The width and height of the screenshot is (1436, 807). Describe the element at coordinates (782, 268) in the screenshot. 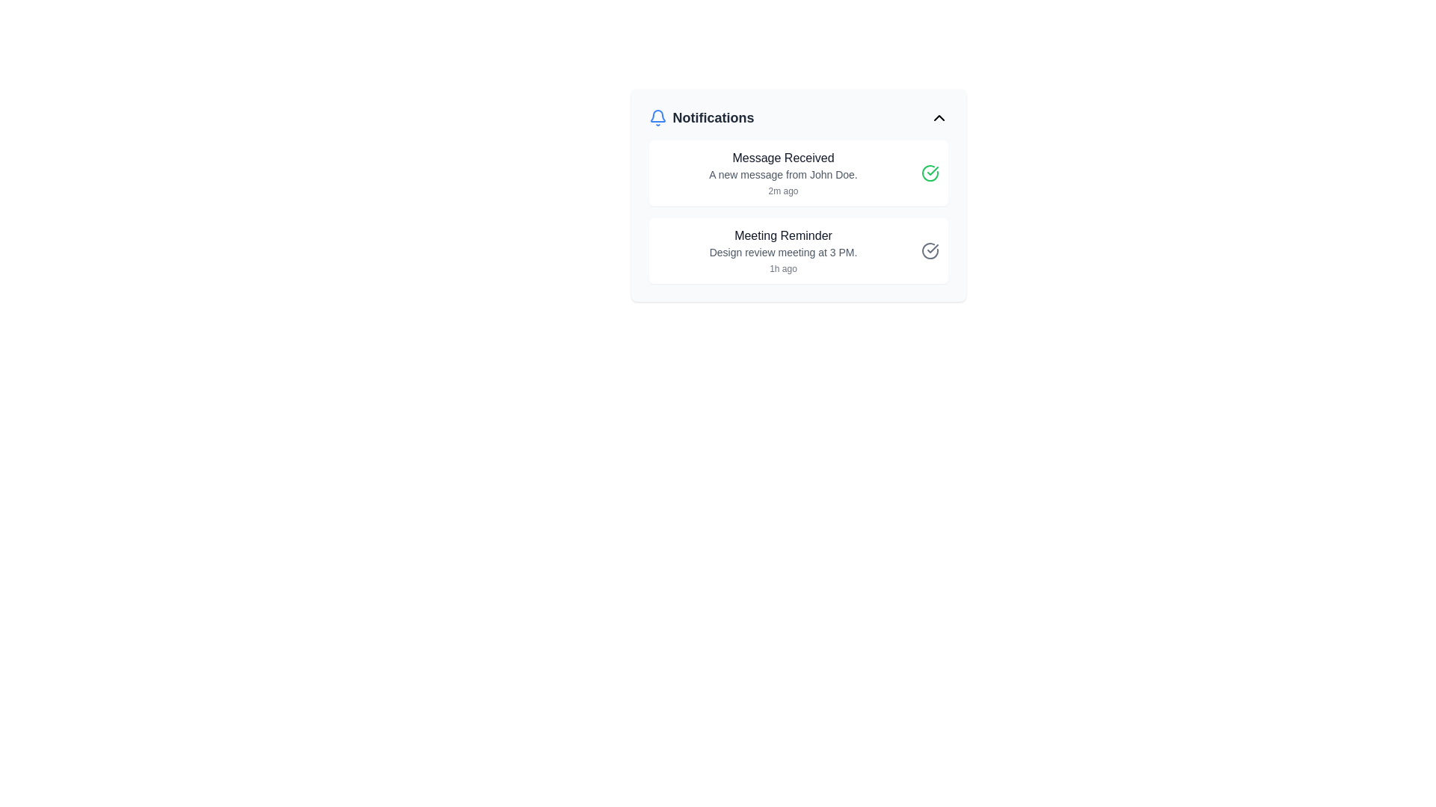

I see `the small text element displaying '1h ago', which is located below the line 'Design review meeting at 3 PM.' in the 'Meeting Reminder' section` at that location.